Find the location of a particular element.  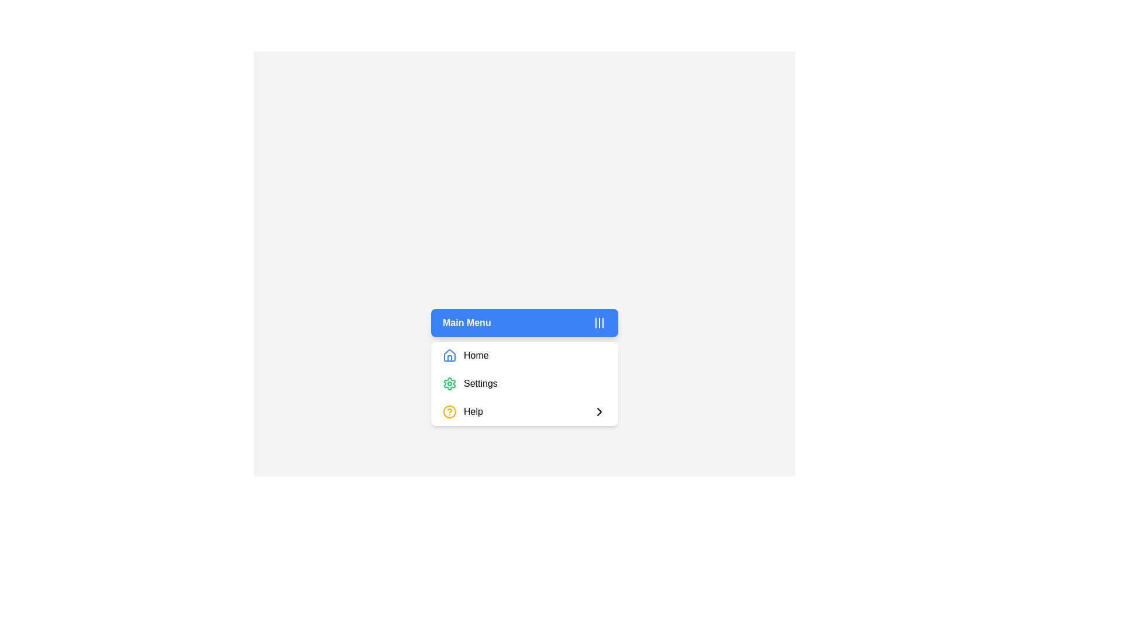

the toggle button located at the top of the drop menu structure to focus on it is located at coordinates (524, 322).